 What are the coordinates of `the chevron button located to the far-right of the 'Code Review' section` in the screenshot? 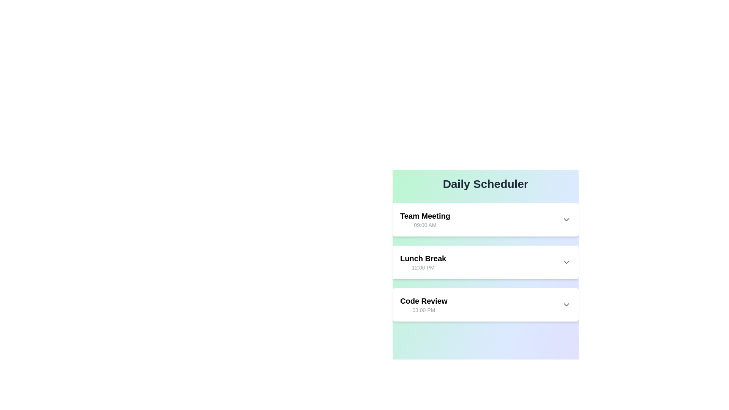 It's located at (566, 304).